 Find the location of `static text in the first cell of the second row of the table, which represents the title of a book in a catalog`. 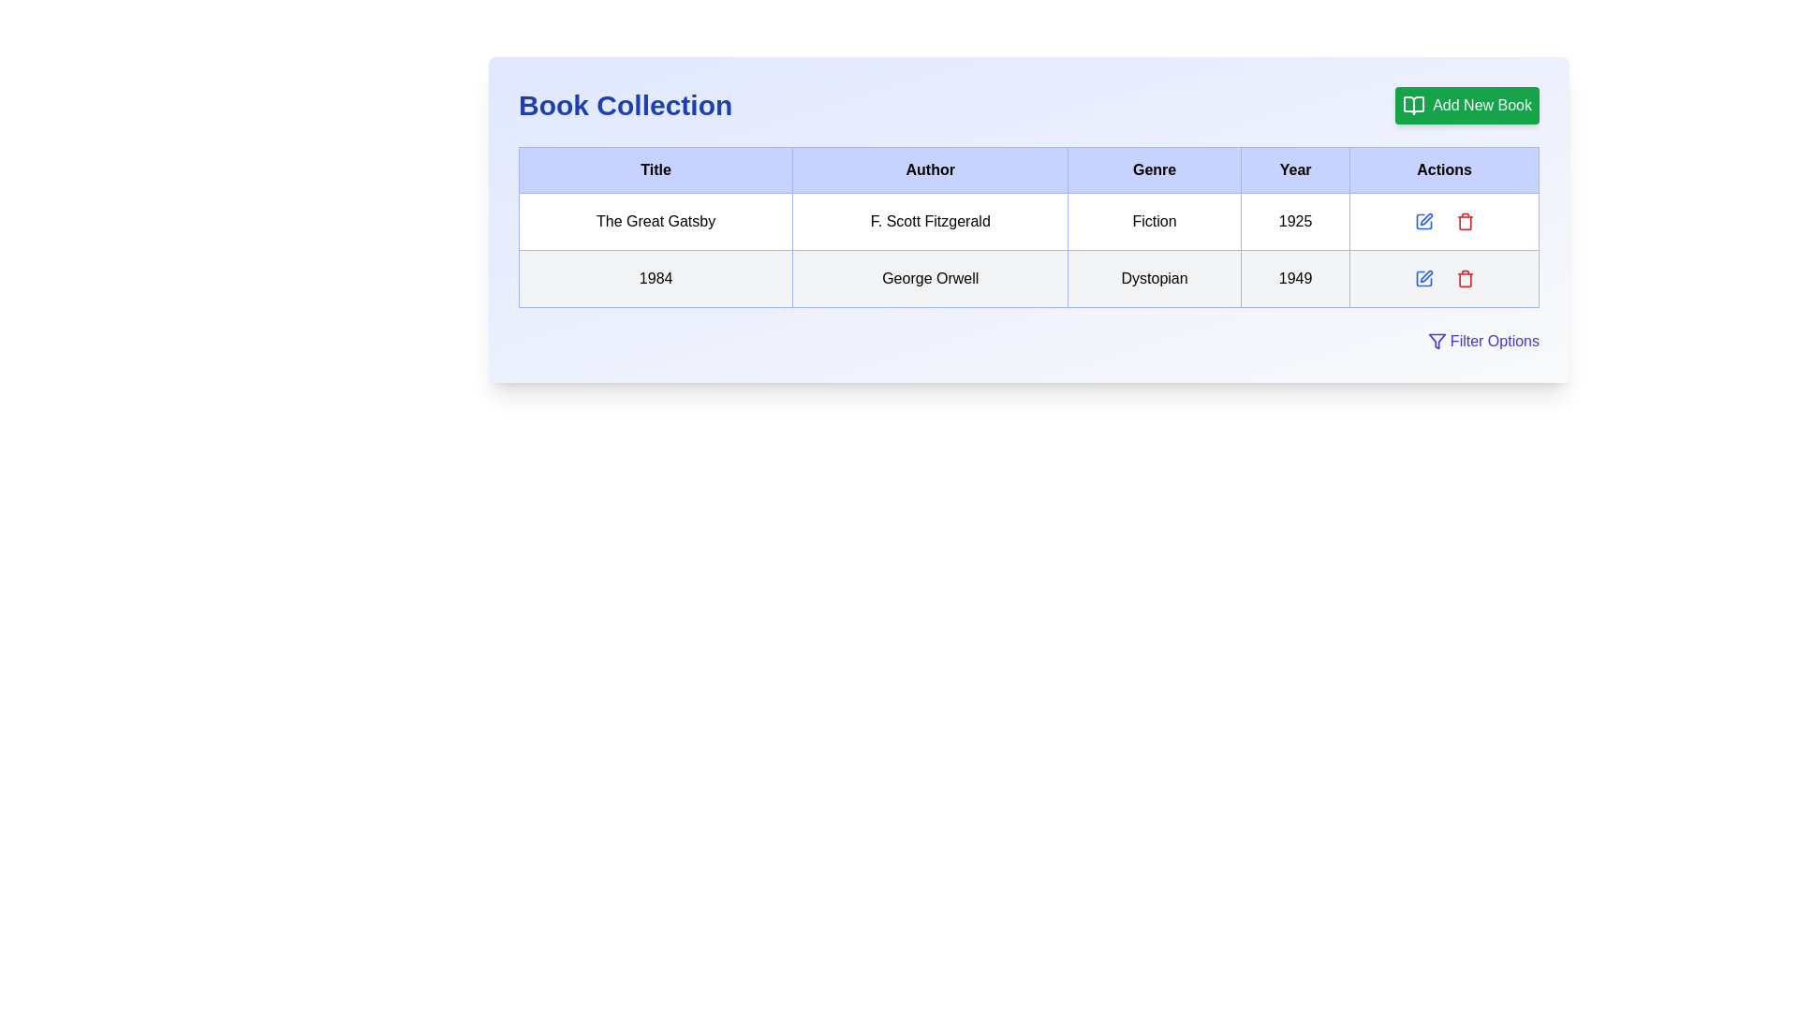

static text in the first cell of the second row of the table, which represents the title of a book in a catalog is located at coordinates (656, 278).